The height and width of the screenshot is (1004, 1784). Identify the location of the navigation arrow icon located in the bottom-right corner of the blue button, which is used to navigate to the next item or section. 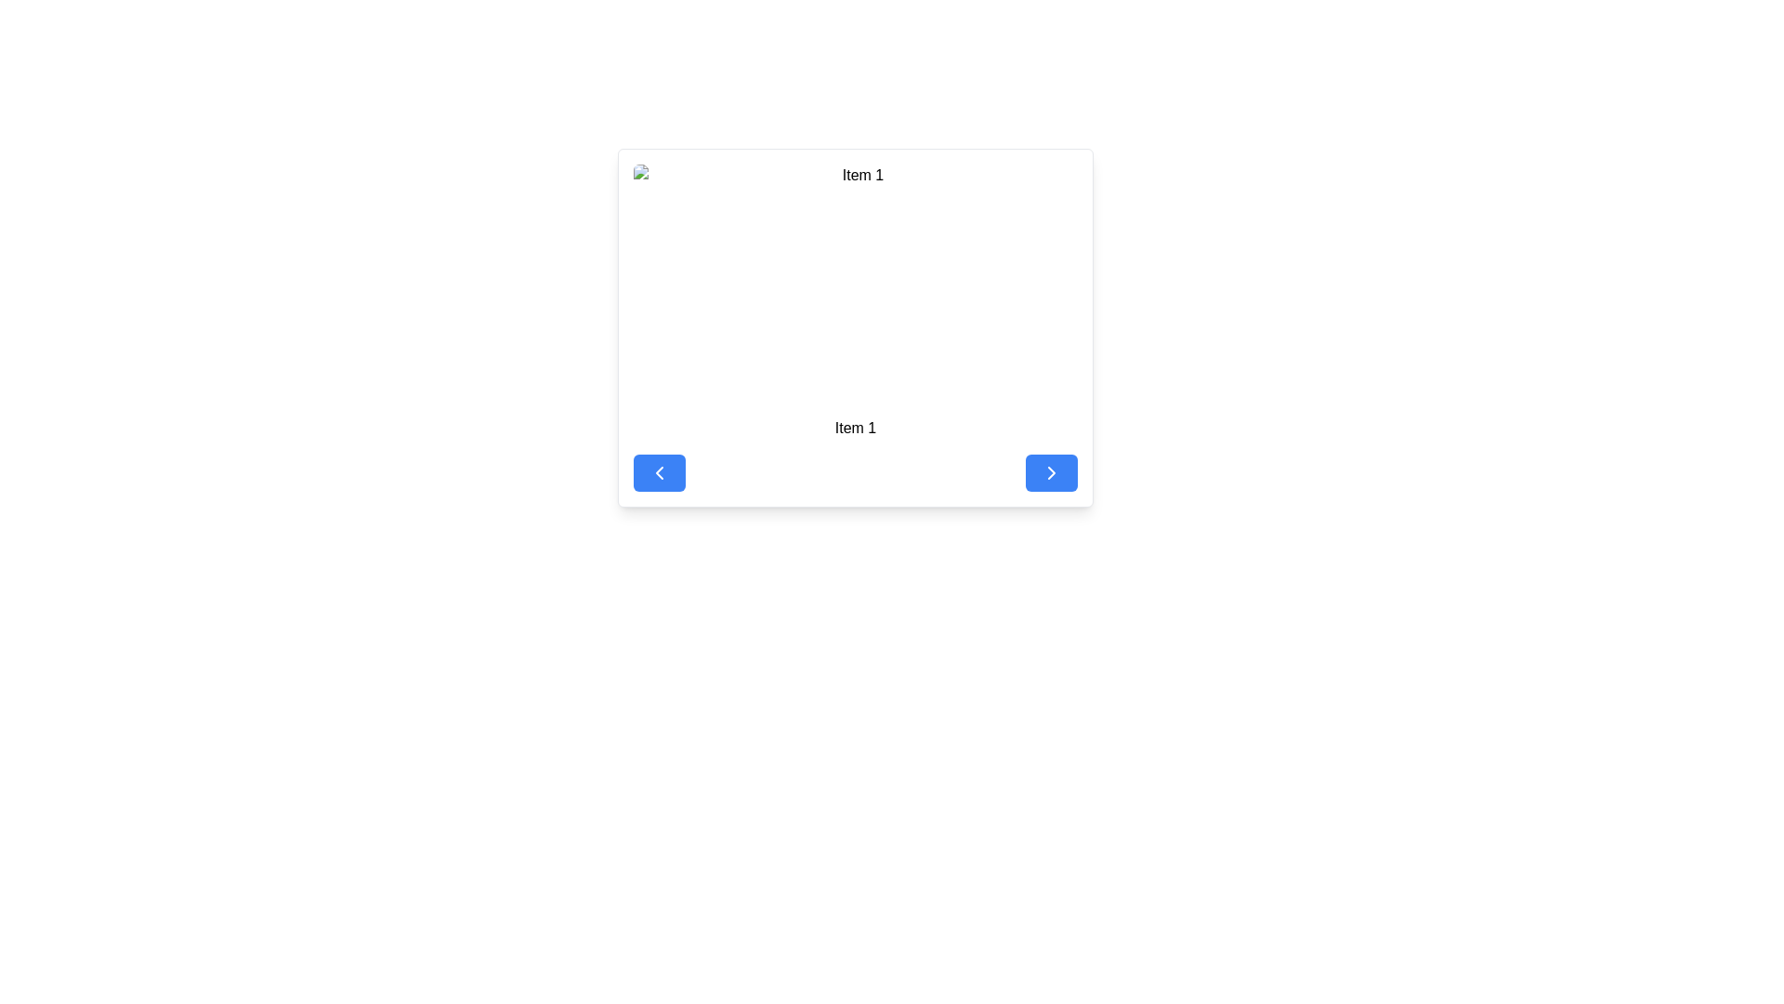
(1052, 472).